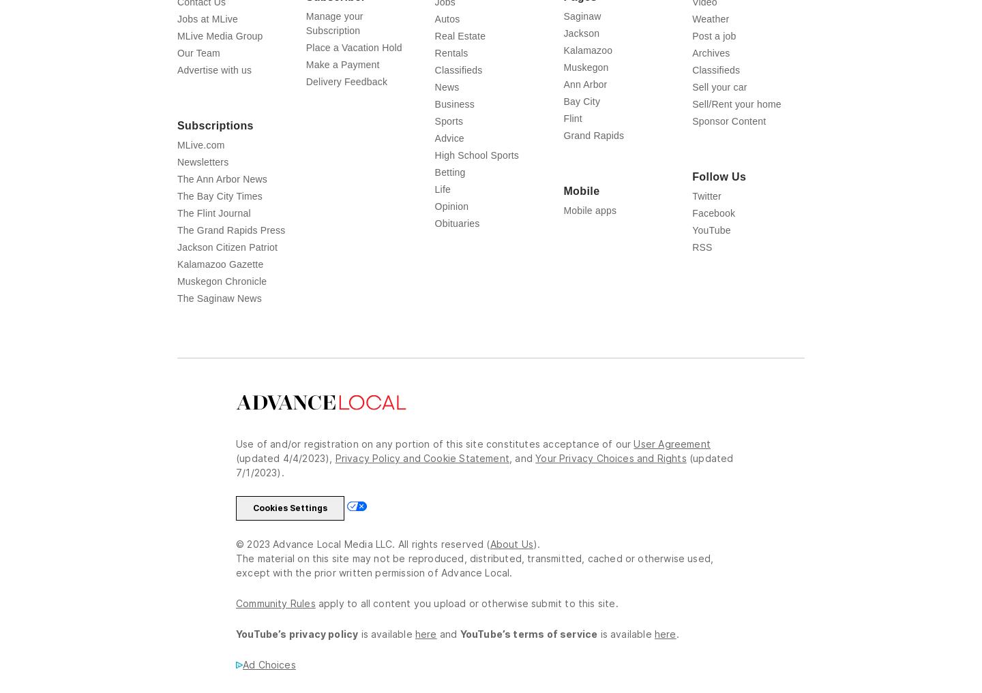 The height and width of the screenshot is (693, 982). Describe the element at coordinates (719, 176) in the screenshot. I see `'Follow Us'` at that location.